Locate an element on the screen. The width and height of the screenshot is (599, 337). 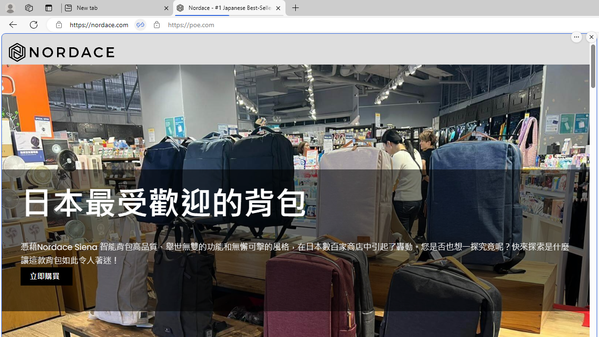
'Tabs in split screen' is located at coordinates (140, 24).